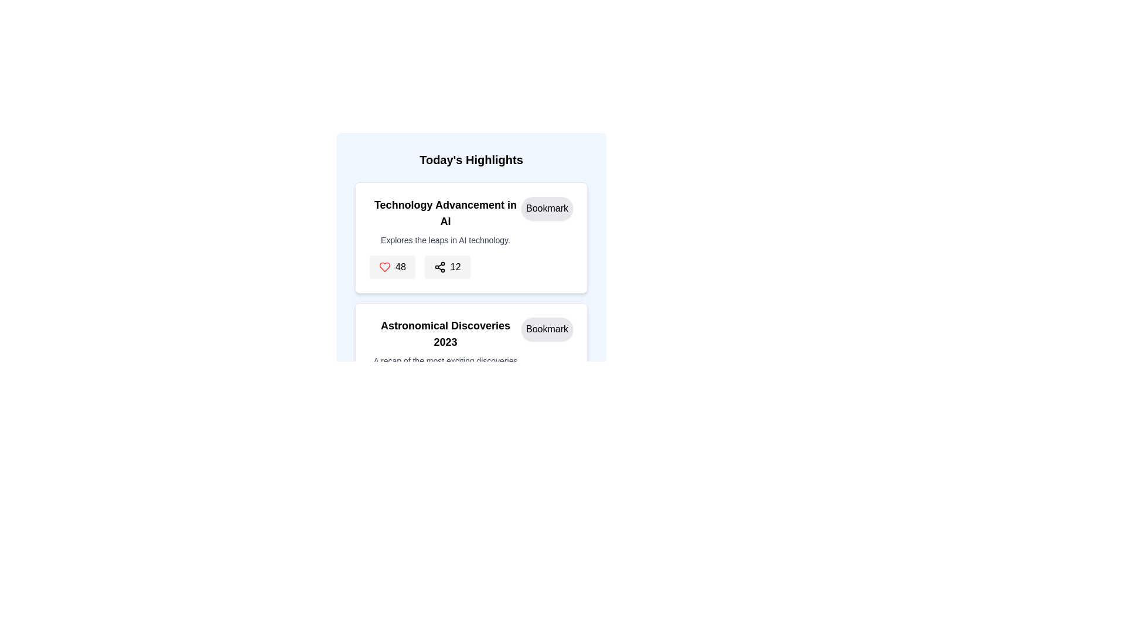 Image resolution: width=1125 pixels, height=633 pixels. What do you see at coordinates (471, 160) in the screenshot?
I see `textual heading that summarizes the section above the articles, specifically located above the article titled 'Technology Advancement in AI'` at bounding box center [471, 160].